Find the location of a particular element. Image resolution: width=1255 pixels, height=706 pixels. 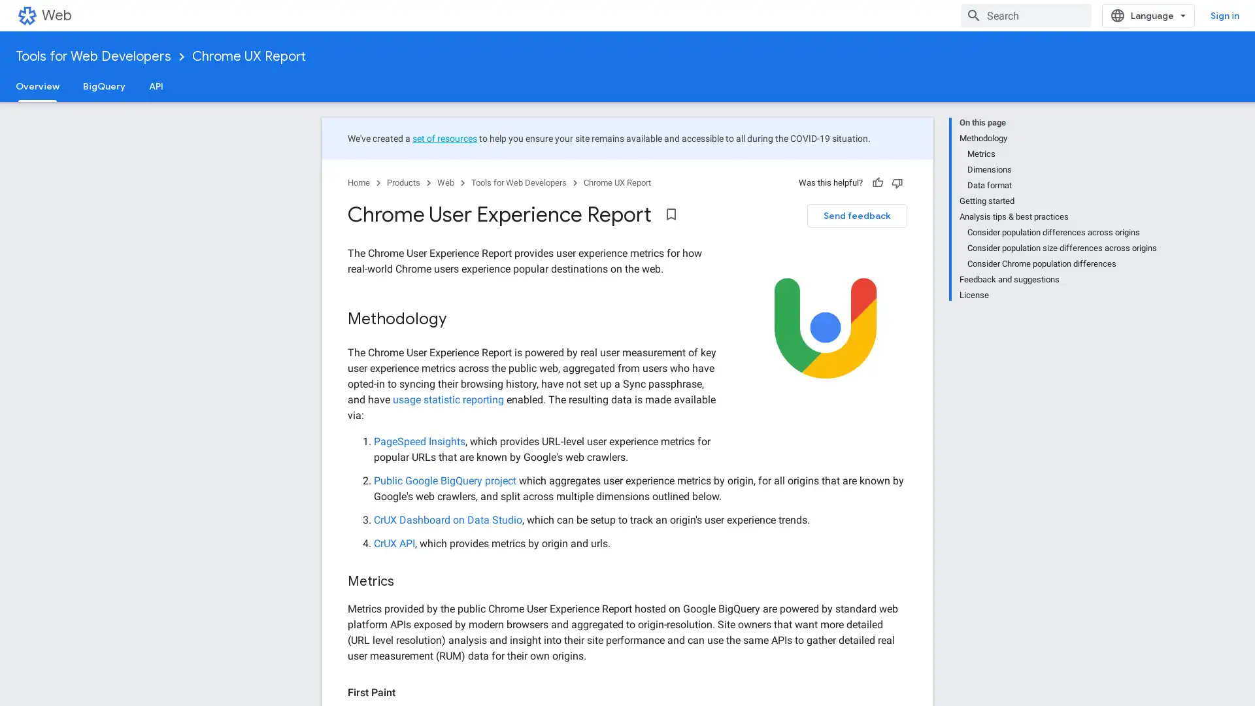

Copy link to this section: Methodology is located at coordinates (460, 320).